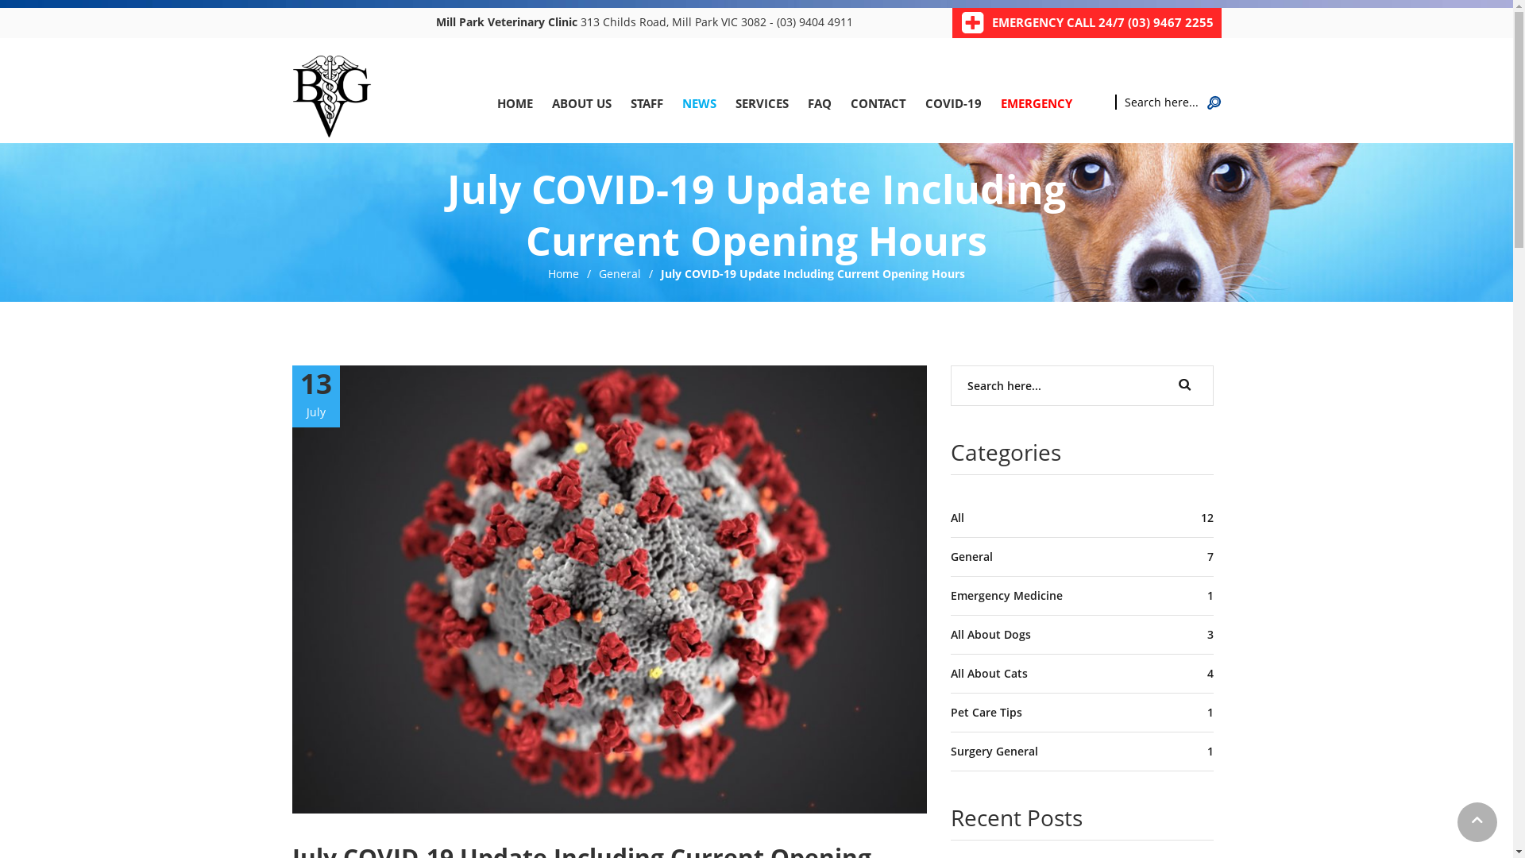 The height and width of the screenshot is (858, 1525). What do you see at coordinates (1477, 821) in the screenshot?
I see `'Scroll Top'` at bounding box center [1477, 821].